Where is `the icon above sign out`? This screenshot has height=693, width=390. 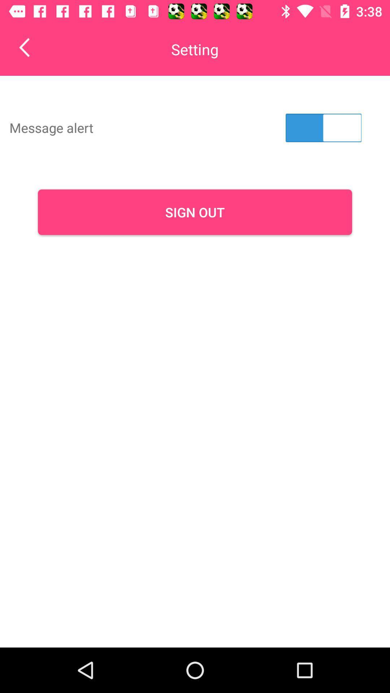
the icon above sign out is located at coordinates (323, 128).